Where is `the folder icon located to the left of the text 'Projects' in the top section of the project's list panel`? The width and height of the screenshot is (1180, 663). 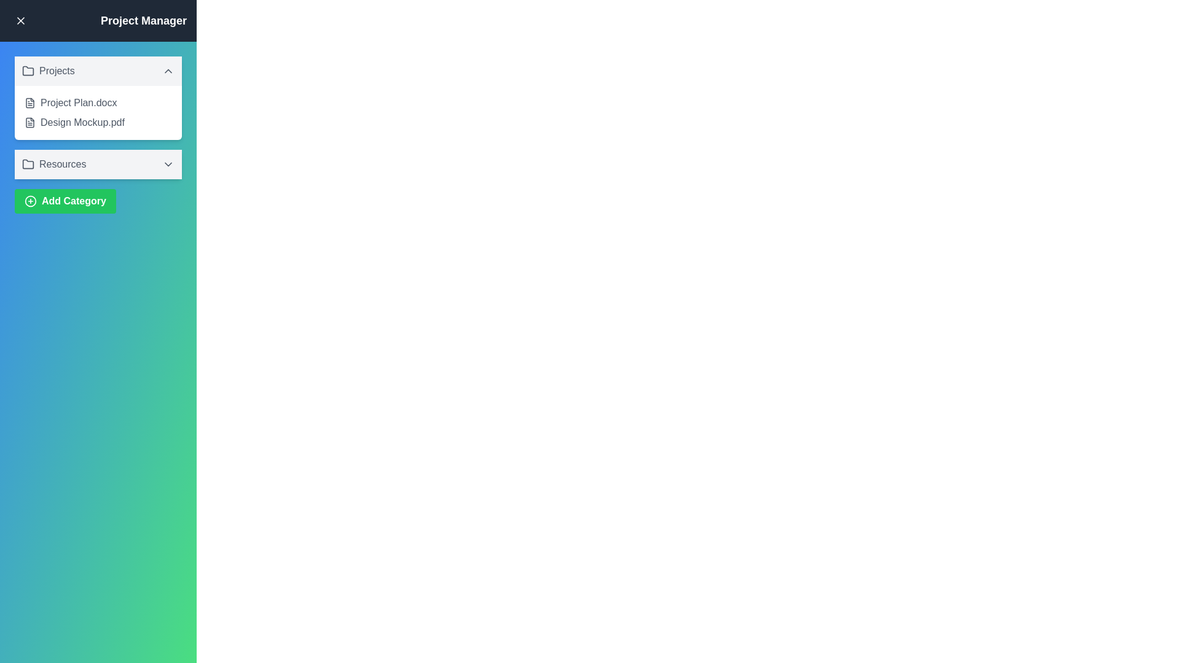
the folder icon located to the left of the text 'Projects' in the top section of the project's list panel is located at coordinates (28, 71).